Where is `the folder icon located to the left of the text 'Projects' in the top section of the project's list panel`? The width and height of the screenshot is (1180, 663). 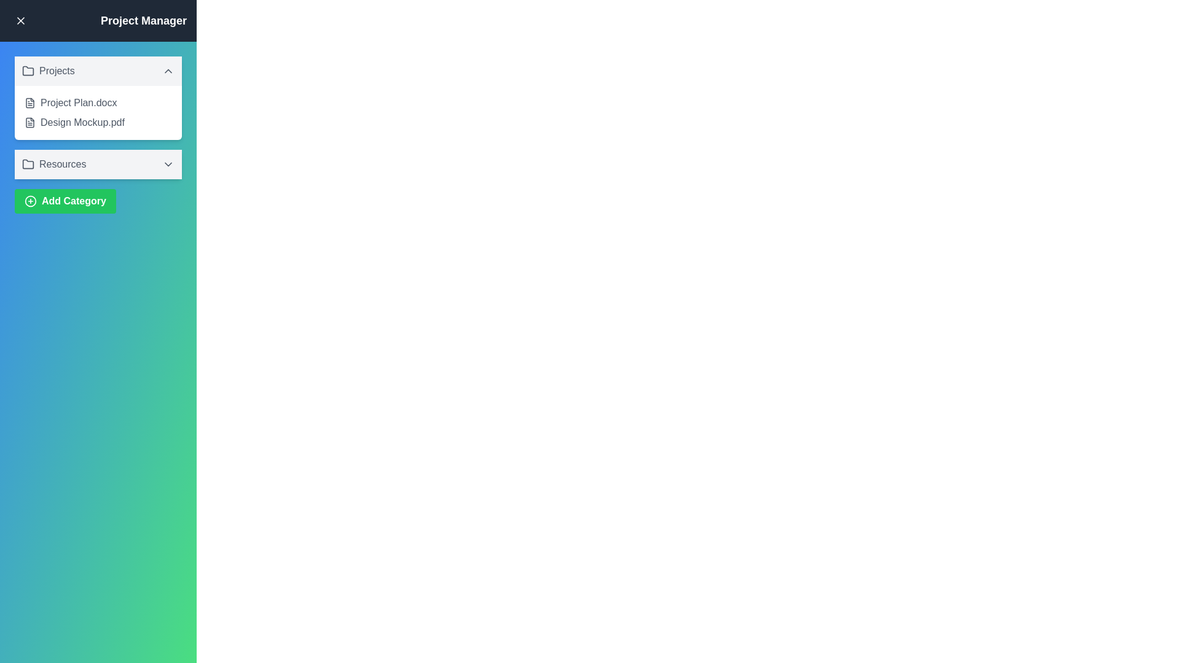
the folder icon located to the left of the text 'Projects' in the top section of the project's list panel is located at coordinates (28, 71).